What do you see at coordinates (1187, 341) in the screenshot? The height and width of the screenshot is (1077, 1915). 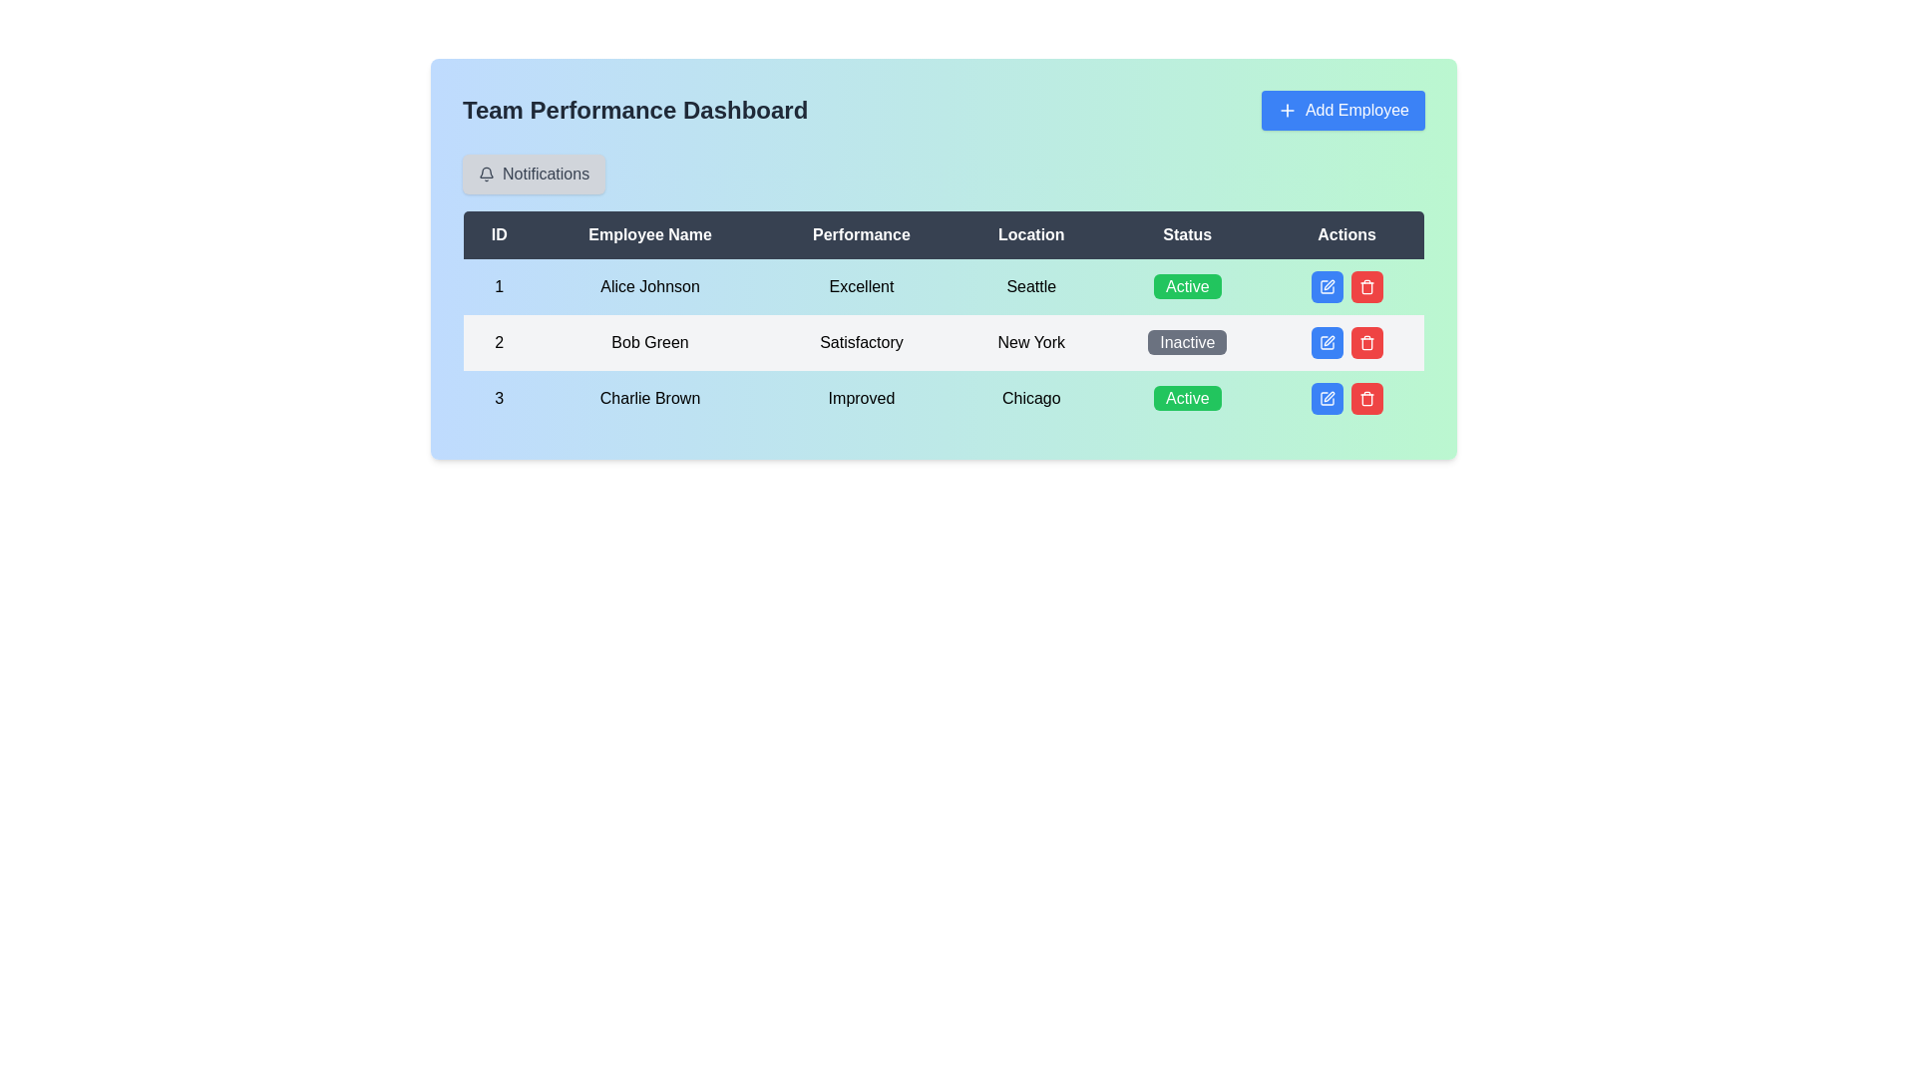 I see `the status badge indicating that the associated employee, Bob Green, is currently inactive, located in the second row of the table under the 'Status' column` at bounding box center [1187, 341].